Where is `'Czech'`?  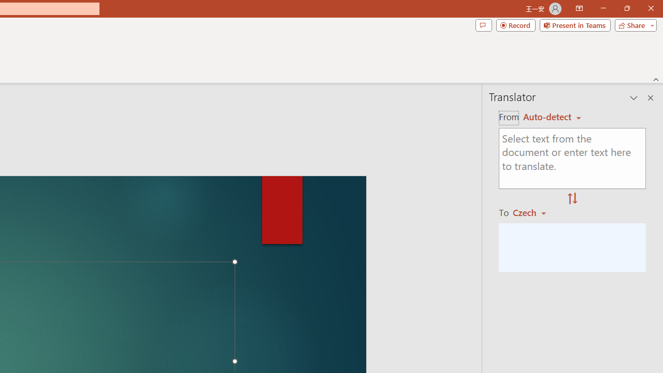
'Czech' is located at coordinates (534, 212).